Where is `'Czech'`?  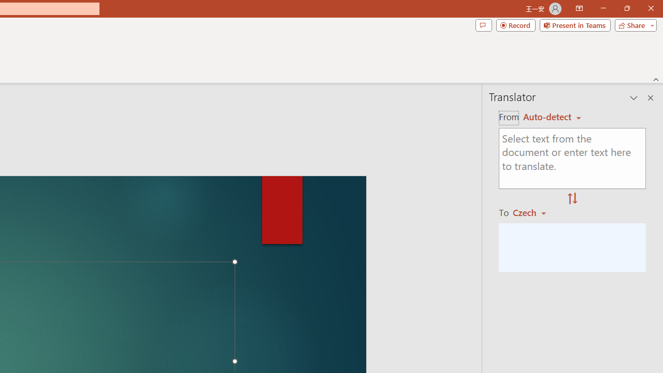
'Czech' is located at coordinates (534, 212).